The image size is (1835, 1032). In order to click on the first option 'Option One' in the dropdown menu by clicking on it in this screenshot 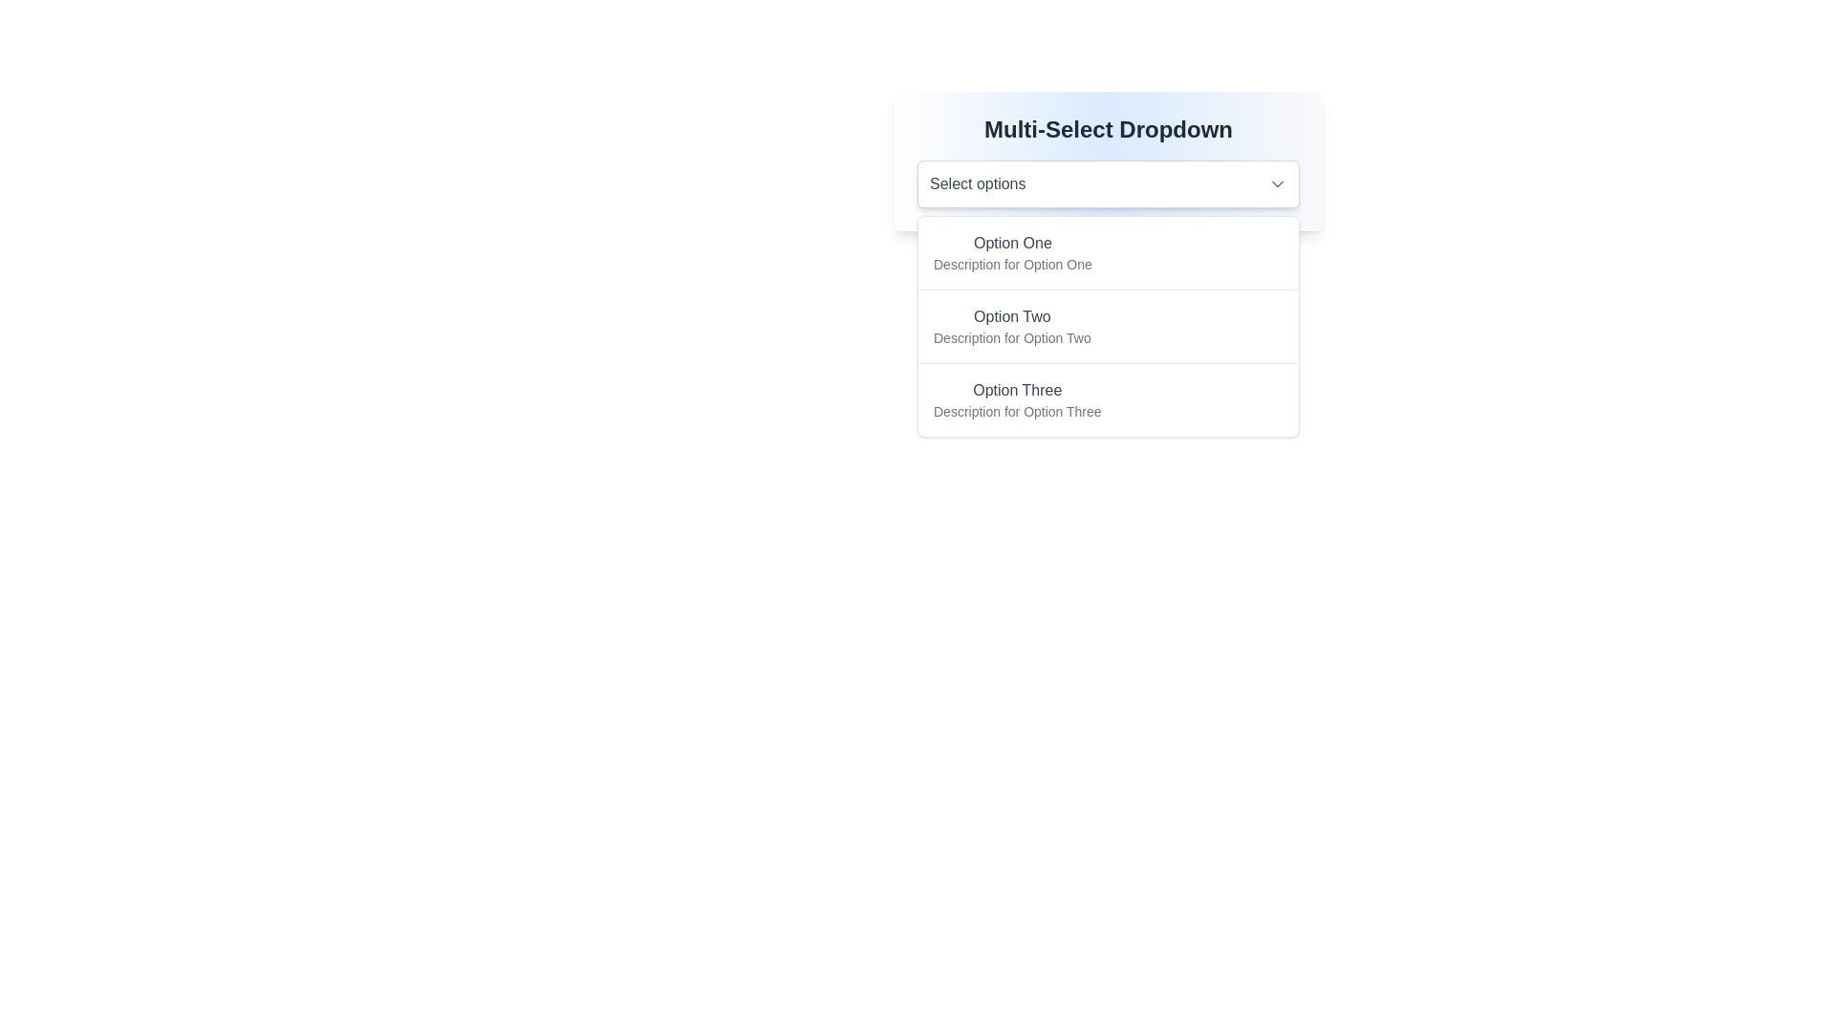, I will do `click(1109, 252)`.